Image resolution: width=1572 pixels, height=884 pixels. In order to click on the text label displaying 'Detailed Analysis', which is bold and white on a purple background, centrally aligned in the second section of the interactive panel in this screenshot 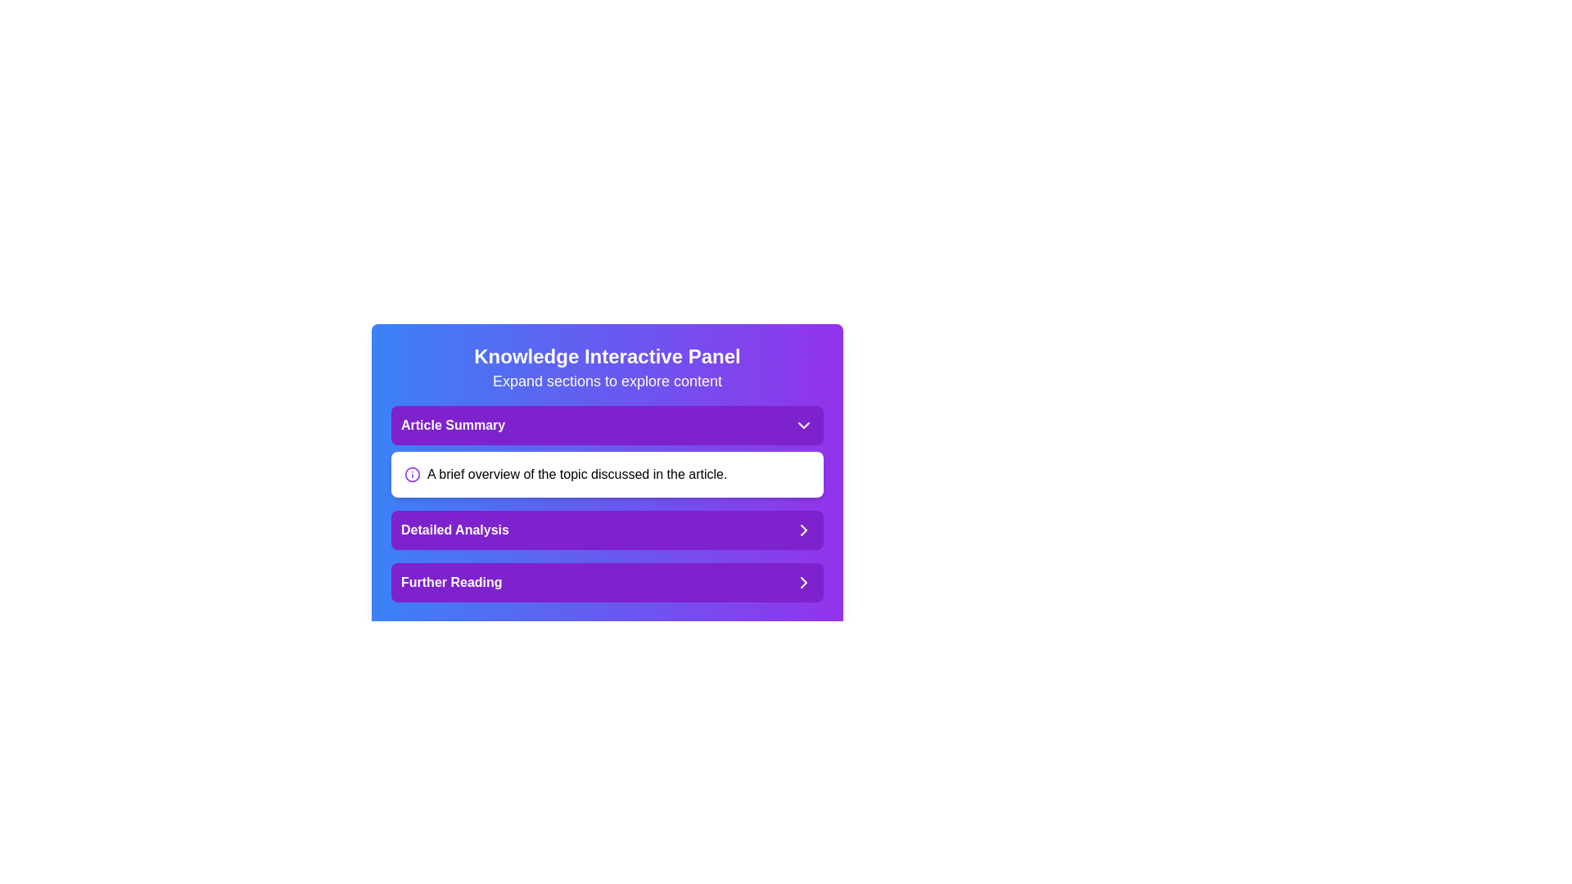, I will do `click(455, 530)`.